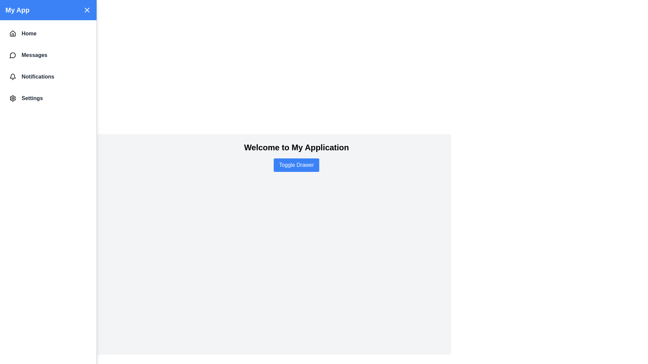 The width and height of the screenshot is (648, 364). What do you see at coordinates (296, 165) in the screenshot?
I see `'Toggle Drawer' button to toggle the drawer open or closed` at bounding box center [296, 165].